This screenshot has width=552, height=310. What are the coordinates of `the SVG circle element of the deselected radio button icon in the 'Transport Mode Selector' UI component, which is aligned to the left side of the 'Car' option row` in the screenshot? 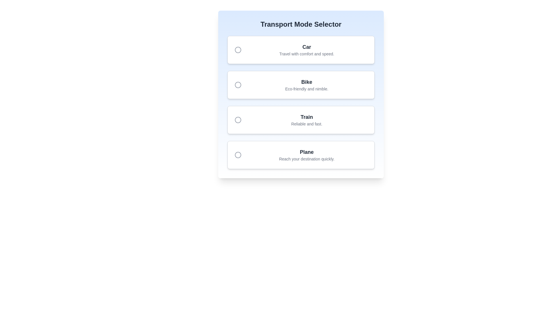 It's located at (238, 49).